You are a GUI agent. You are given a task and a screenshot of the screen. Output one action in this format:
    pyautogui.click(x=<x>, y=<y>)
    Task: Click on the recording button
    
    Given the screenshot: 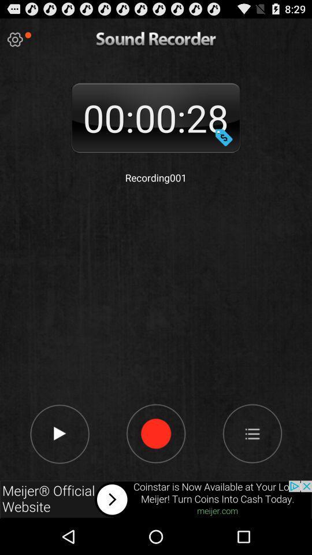 What is the action you would take?
    pyautogui.click(x=155, y=432)
    